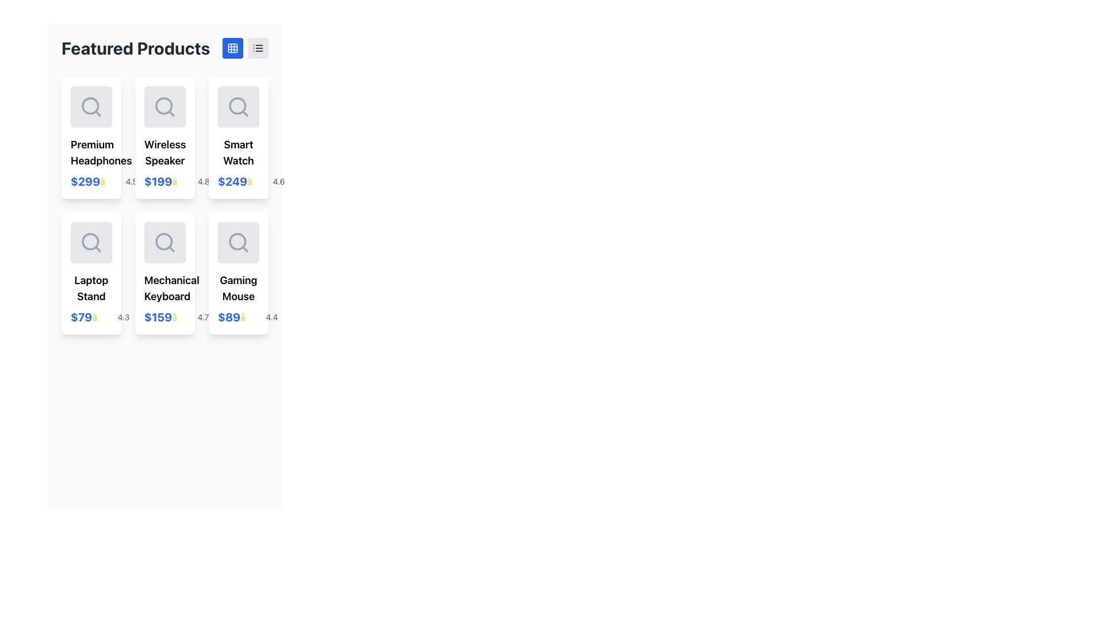  I want to click on the static text display showing the price of the product 'Premium Headphones' located in the first column and first row of the grid under the 'Featured Products' section, so click(85, 181).